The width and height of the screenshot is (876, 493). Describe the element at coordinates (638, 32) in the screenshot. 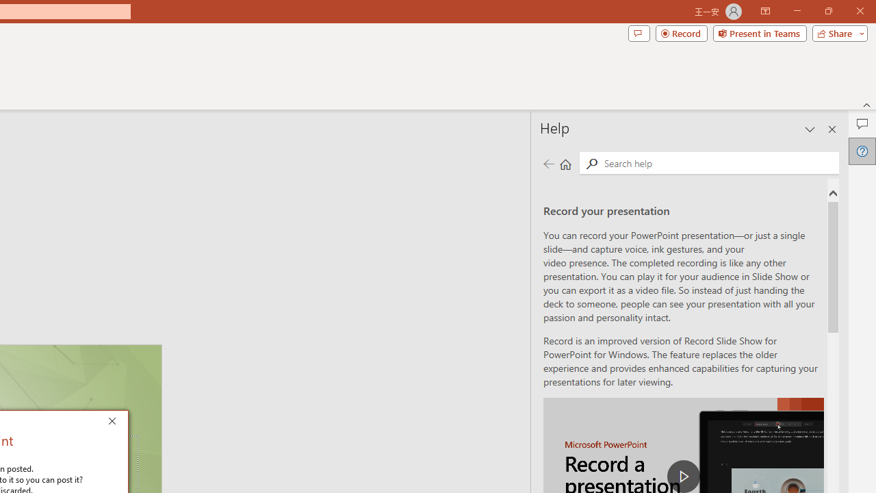

I see `'Comments'` at that location.